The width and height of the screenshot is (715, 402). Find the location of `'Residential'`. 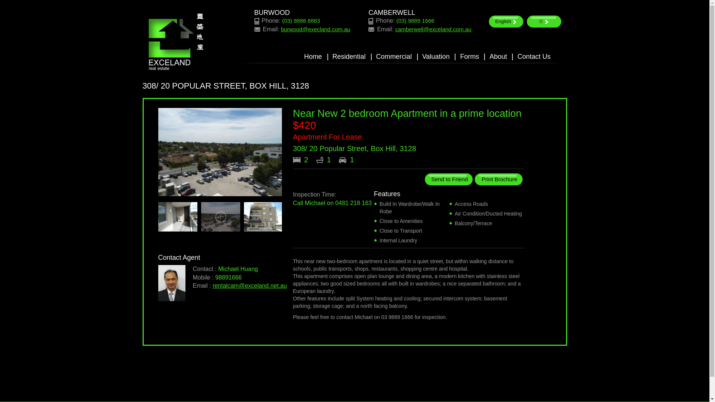

'Residential' is located at coordinates (332, 57).